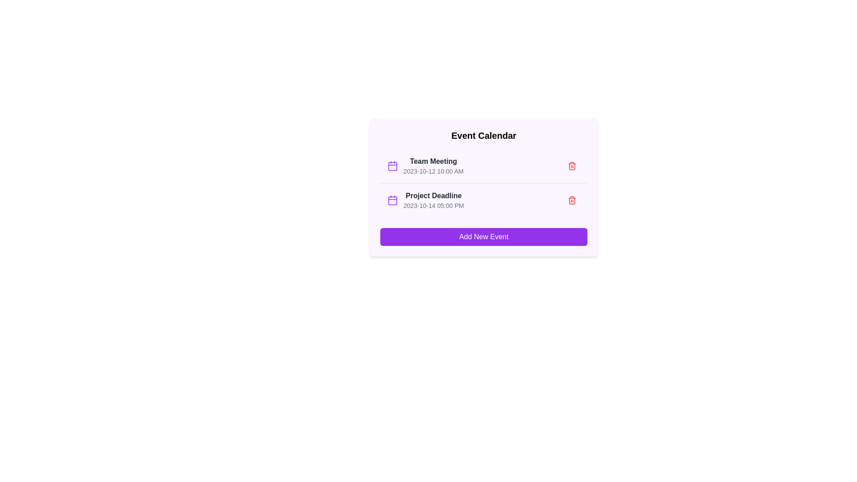  I want to click on the 'Add New Event' button, so click(483, 237).